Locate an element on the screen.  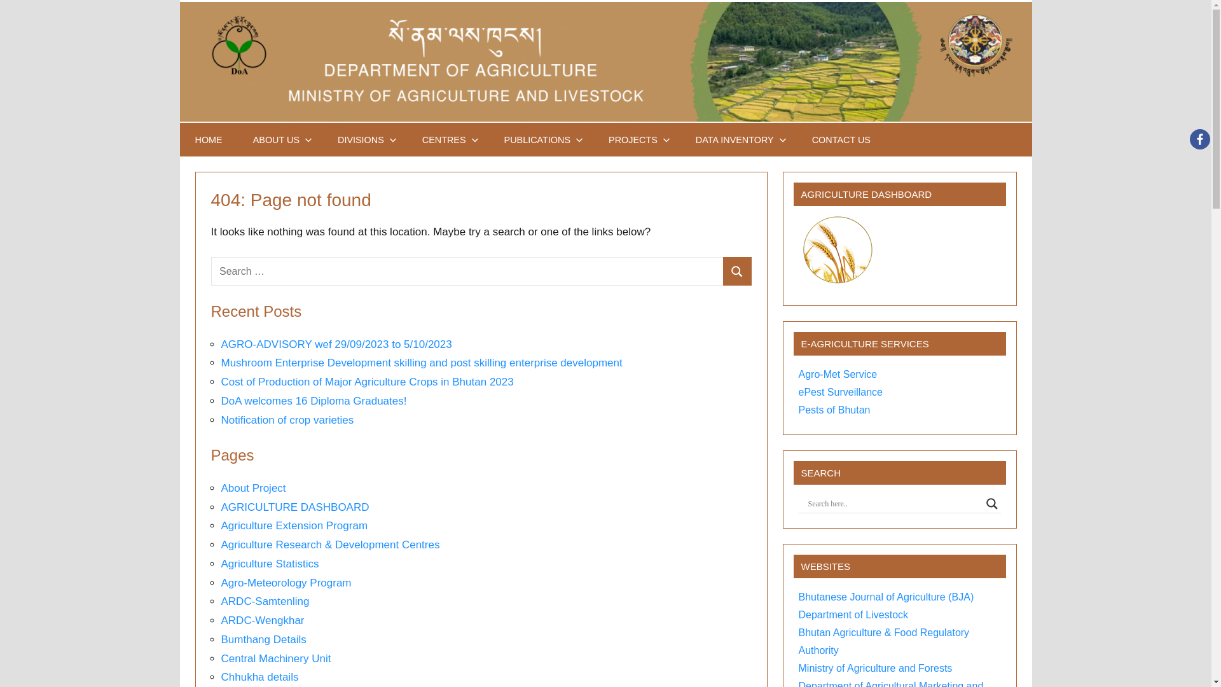
'PROJECTS' is located at coordinates (592, 139).